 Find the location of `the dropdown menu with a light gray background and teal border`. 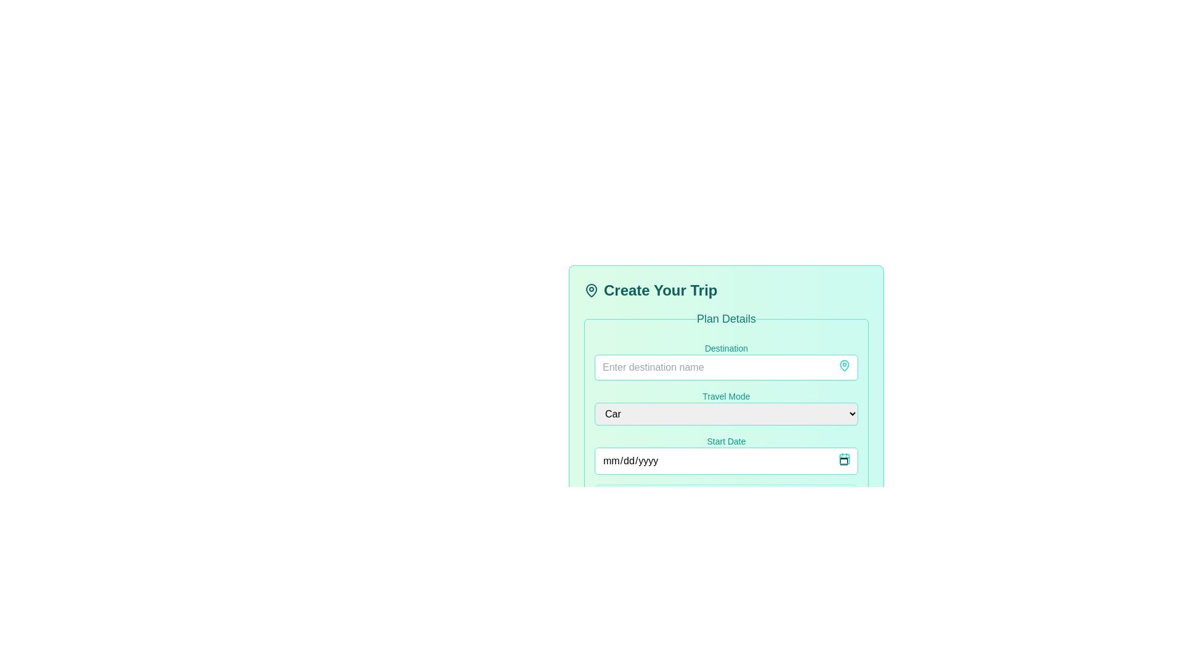

the dropdown menu with a light gray background and teal border is located at coordinates (726, 413).